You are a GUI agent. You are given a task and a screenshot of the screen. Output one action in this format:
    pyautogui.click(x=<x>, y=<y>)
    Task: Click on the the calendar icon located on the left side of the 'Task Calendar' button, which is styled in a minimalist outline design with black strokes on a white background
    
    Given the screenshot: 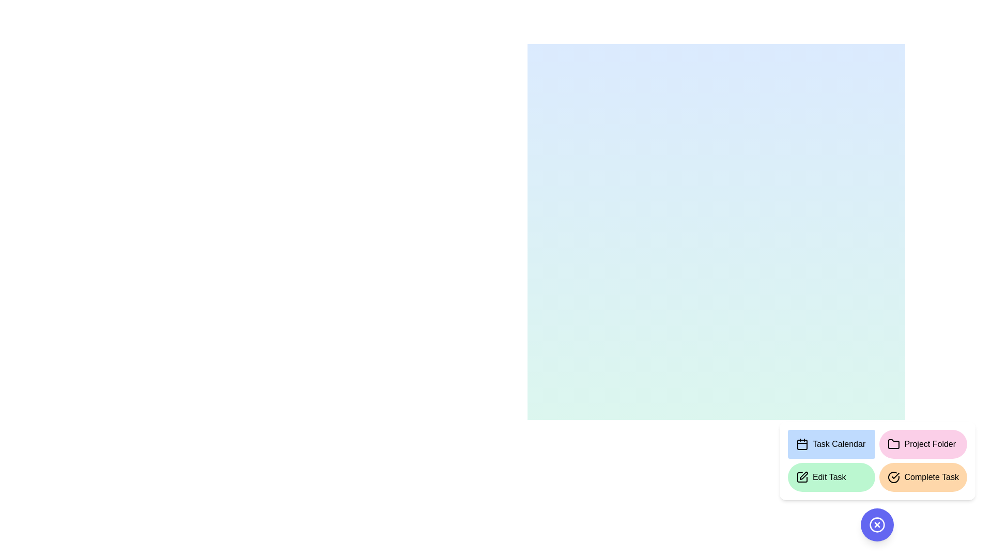 What is the action you would take?
    pyautogui.click(x=801, y=444)
    